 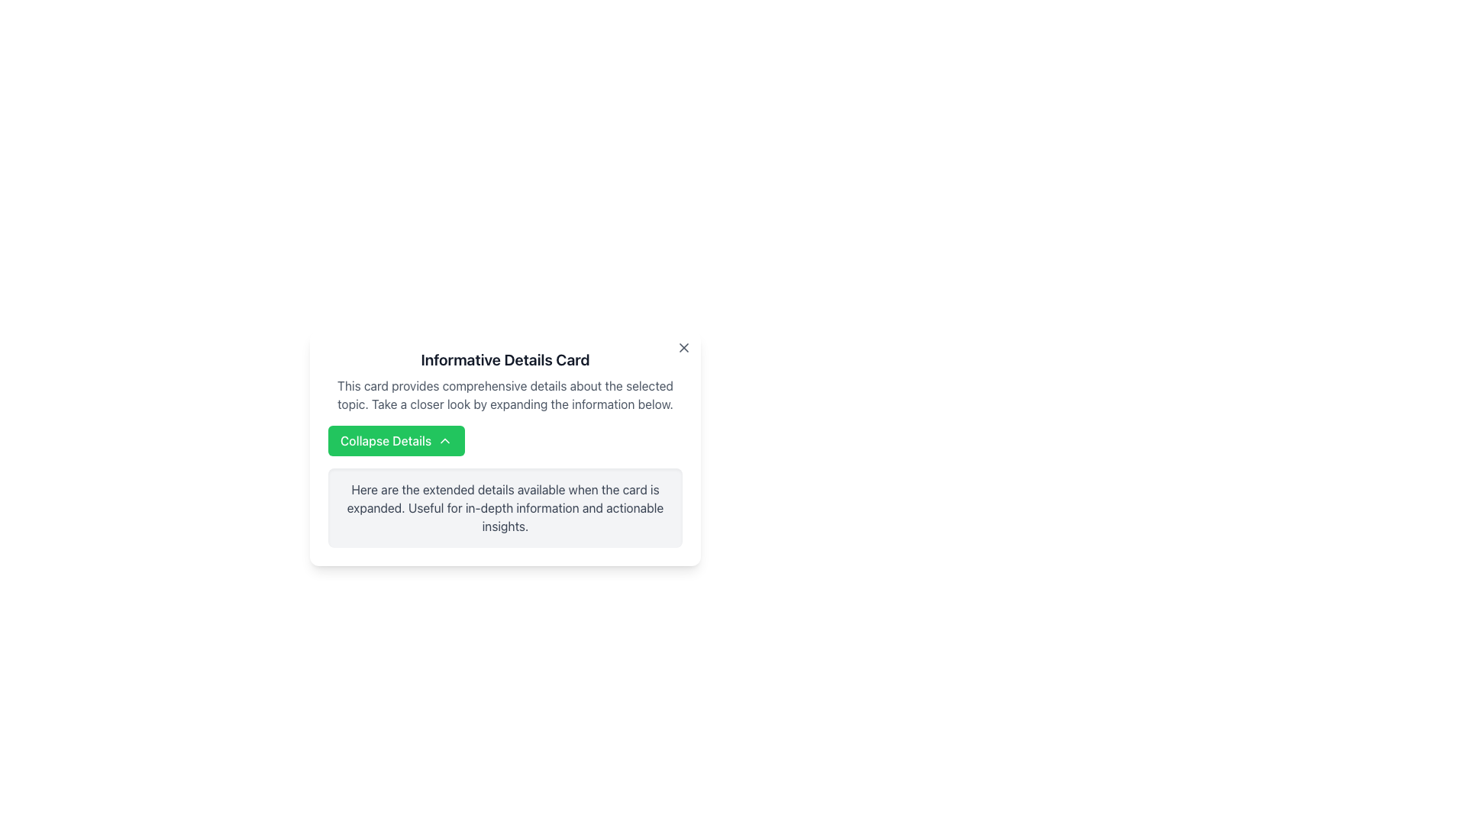 I want to click on the Arrow Icon located at the right end of the 'Collapse Details' button within the 'Informative Details Card', so click(x=444, y=441).